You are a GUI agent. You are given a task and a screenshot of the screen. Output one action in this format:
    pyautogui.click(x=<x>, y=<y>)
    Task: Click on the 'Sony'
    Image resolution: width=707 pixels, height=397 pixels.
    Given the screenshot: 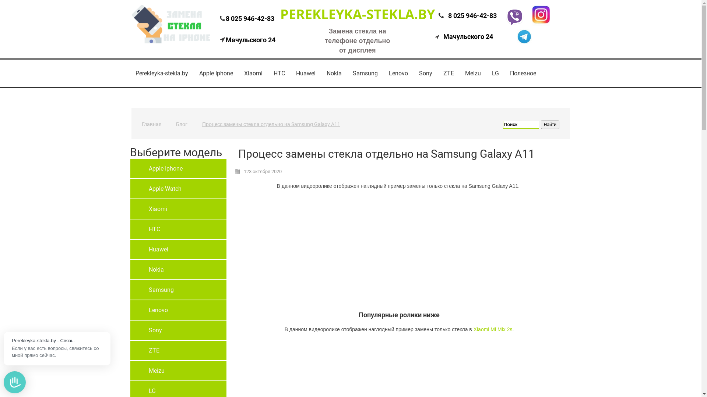 What is the action you would take?
    pyautogui.click(x=129, y=330)
    